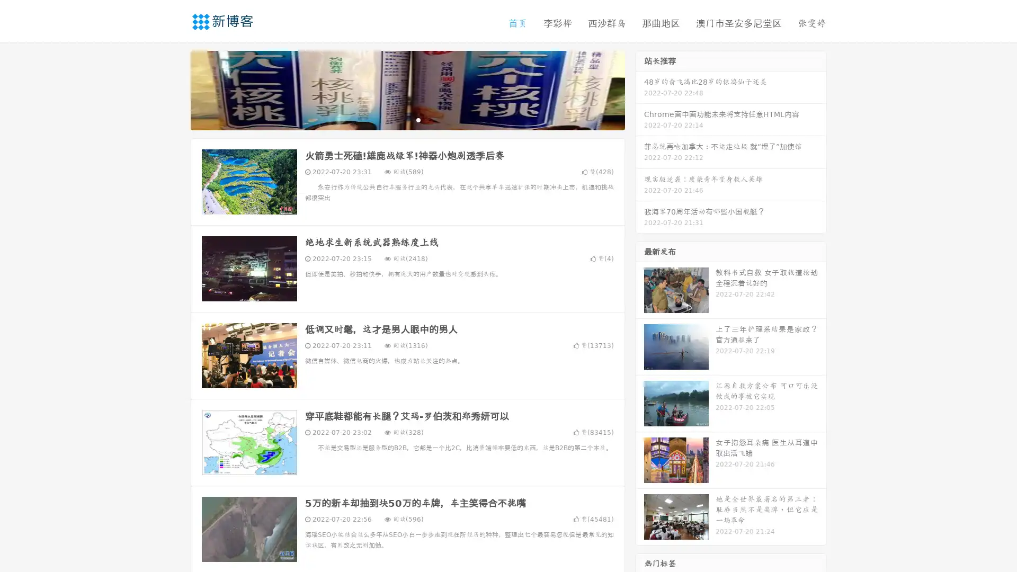 This screenshot has width=1017, height=572. What do you see at coordinates (418, 119) in the screenshot?
I see `Go to slide 3` at bounding box center [418, 119].